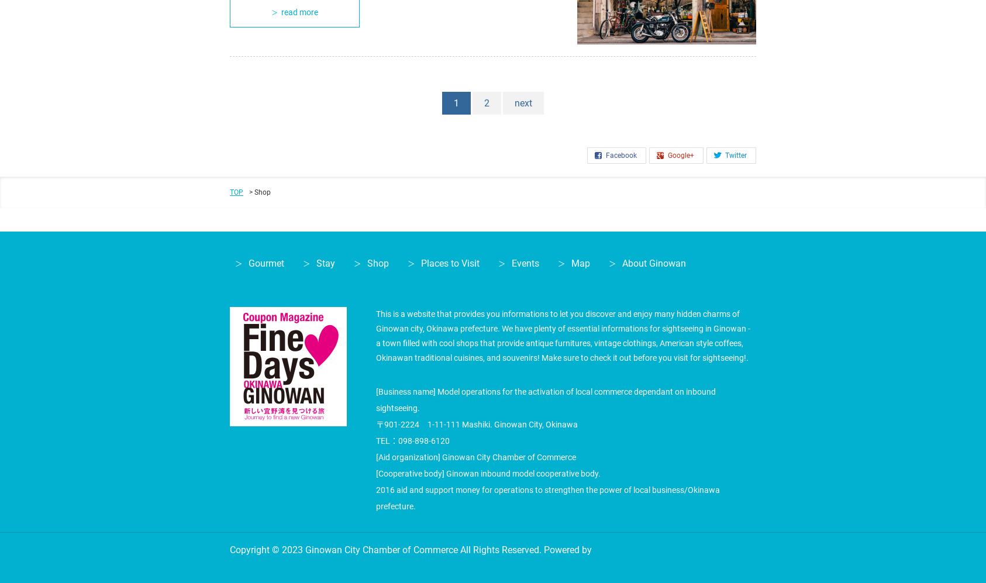 The height and width of the screenshot is (583, 986). I want to click on 'Facebook', so click(621, 154).